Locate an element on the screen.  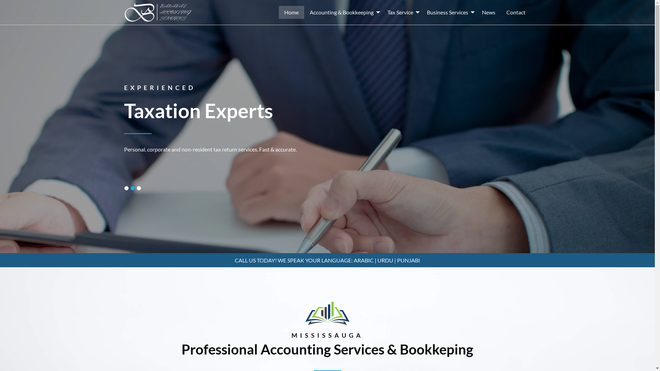
'Tax Service' is located at coordinates (401, 12).